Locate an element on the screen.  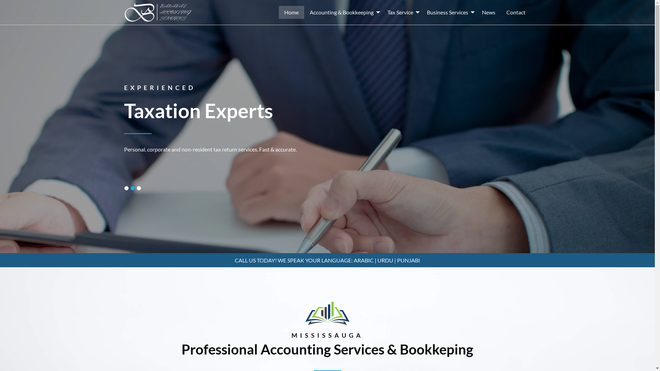
'Tax Service' is located at coordinates (401, 12).